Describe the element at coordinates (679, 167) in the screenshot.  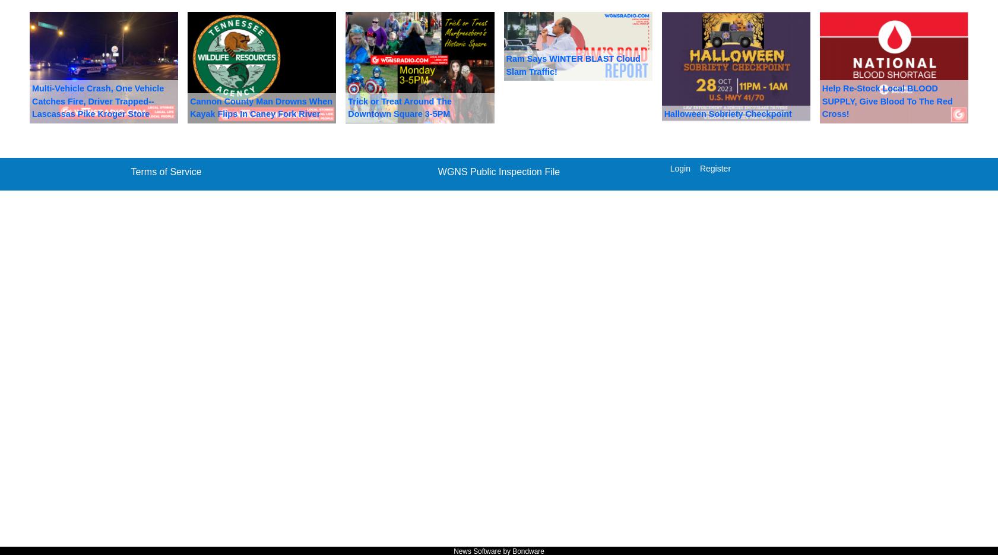
I see `'Login'` at that location.